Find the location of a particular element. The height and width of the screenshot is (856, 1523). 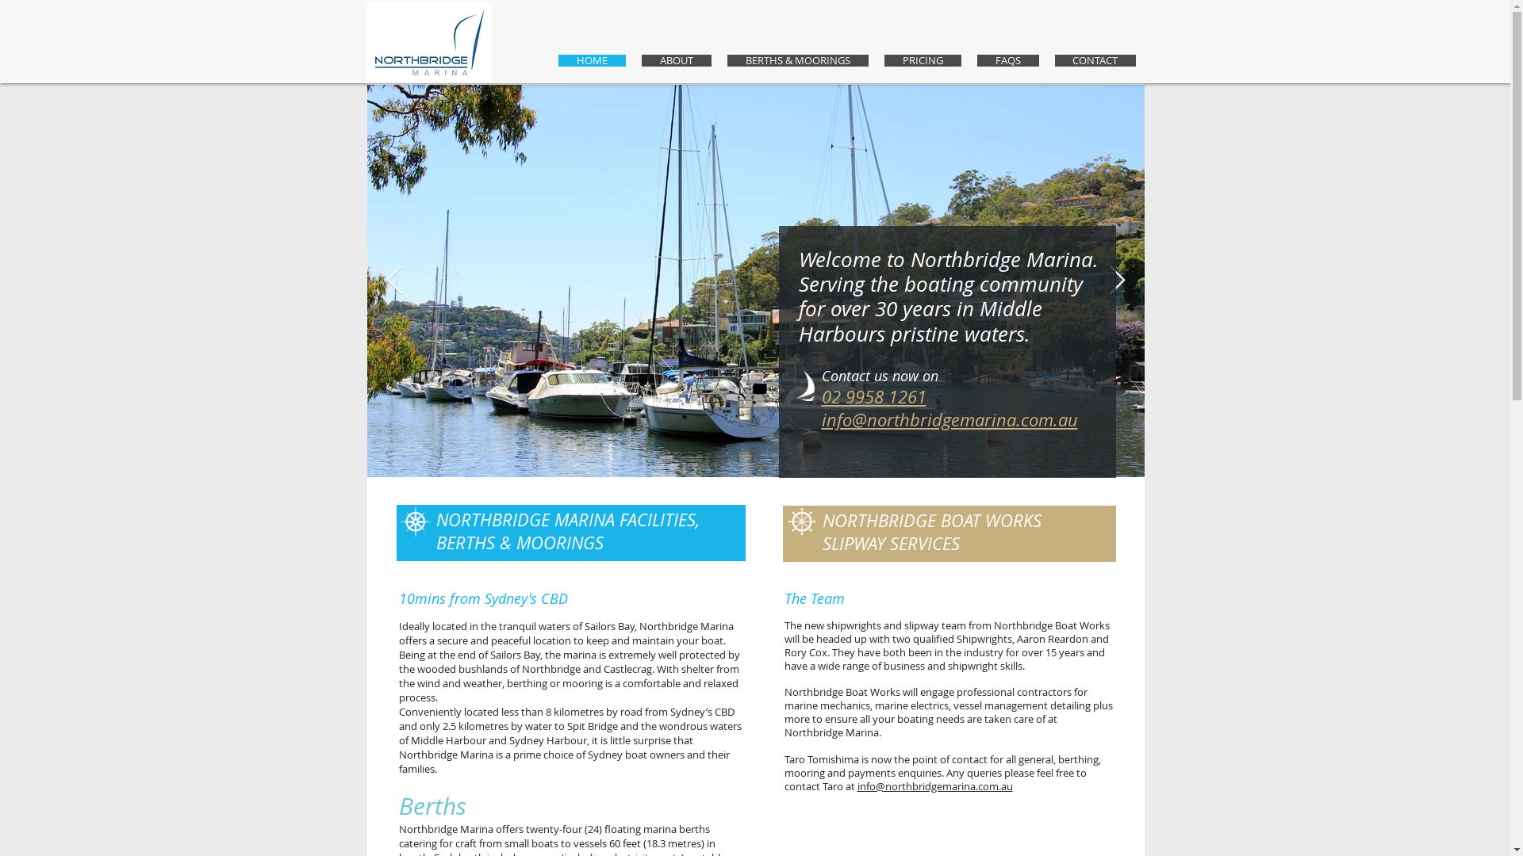

'BERTHS & MOORINGS' is located at coordinates (796, 59).